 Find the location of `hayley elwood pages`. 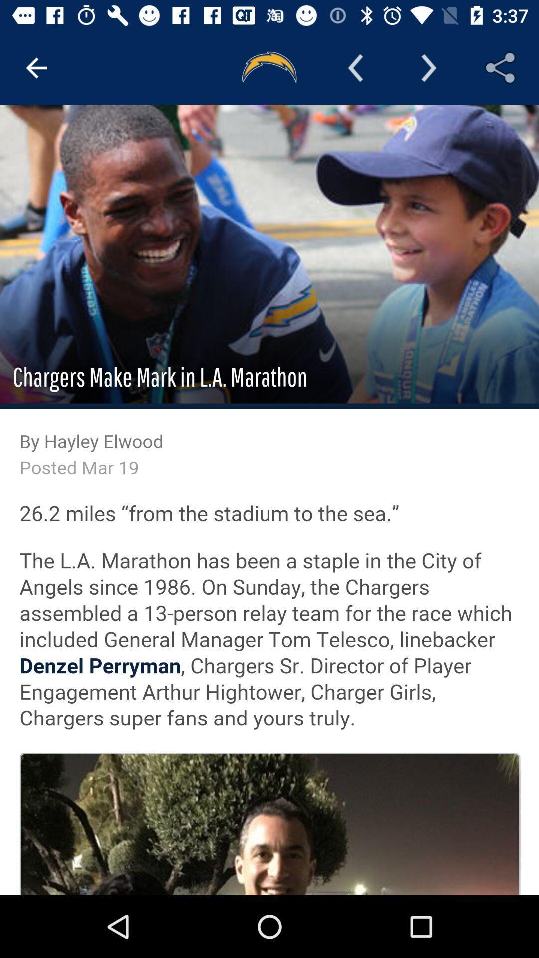

hayley elwood pages is located at coordinates (269, 500).